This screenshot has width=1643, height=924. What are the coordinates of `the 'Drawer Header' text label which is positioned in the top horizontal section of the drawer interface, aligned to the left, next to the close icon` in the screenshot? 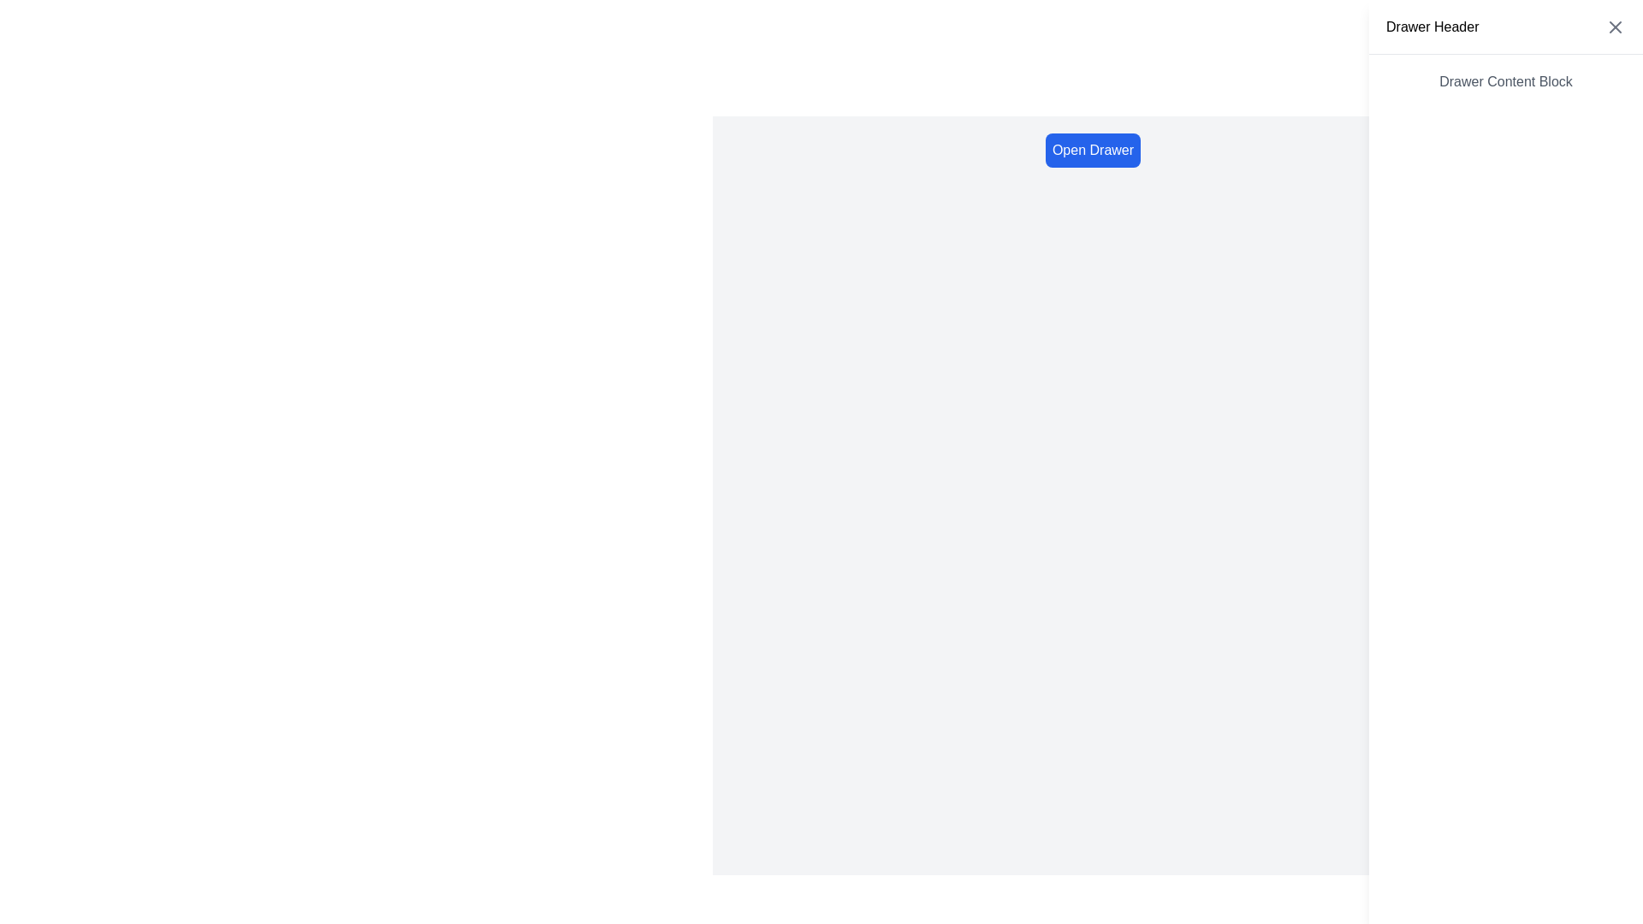 It's located at (1432, 27).